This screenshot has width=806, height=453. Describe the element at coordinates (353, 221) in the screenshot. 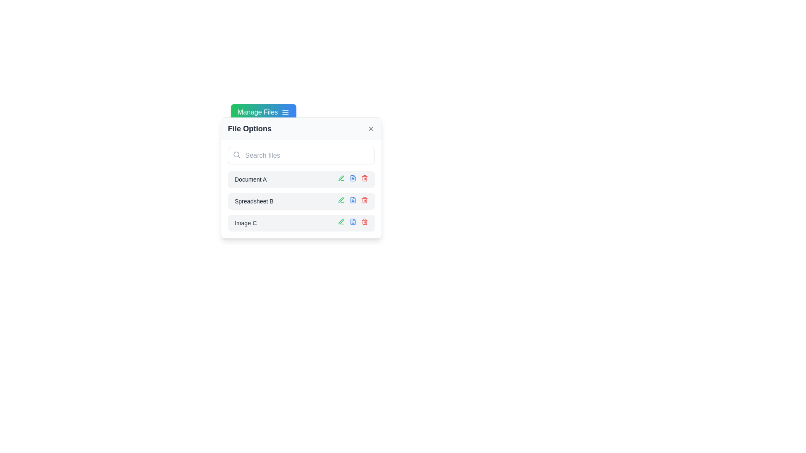

I see `the vector icon component that visually represents a document in the user interface, located at the center of the icon` at that location.